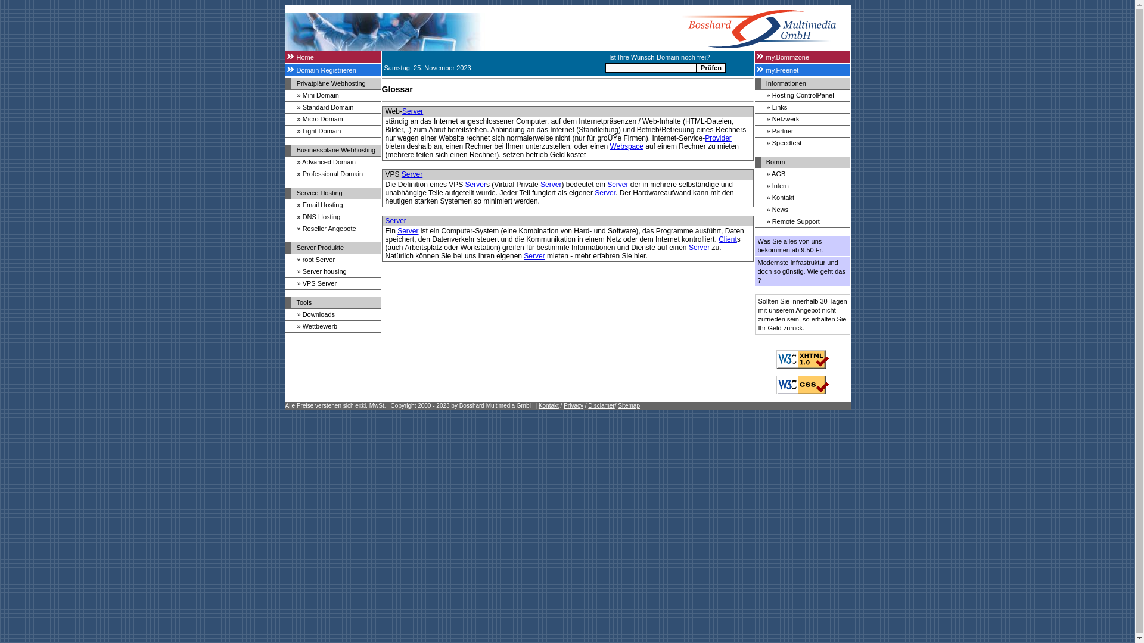 The height and width of the screenshot is (643, 1144). What do you see at coordinates (332, 57) in the screenshot?
I see `'Home'` at bounding box center [332, 57].